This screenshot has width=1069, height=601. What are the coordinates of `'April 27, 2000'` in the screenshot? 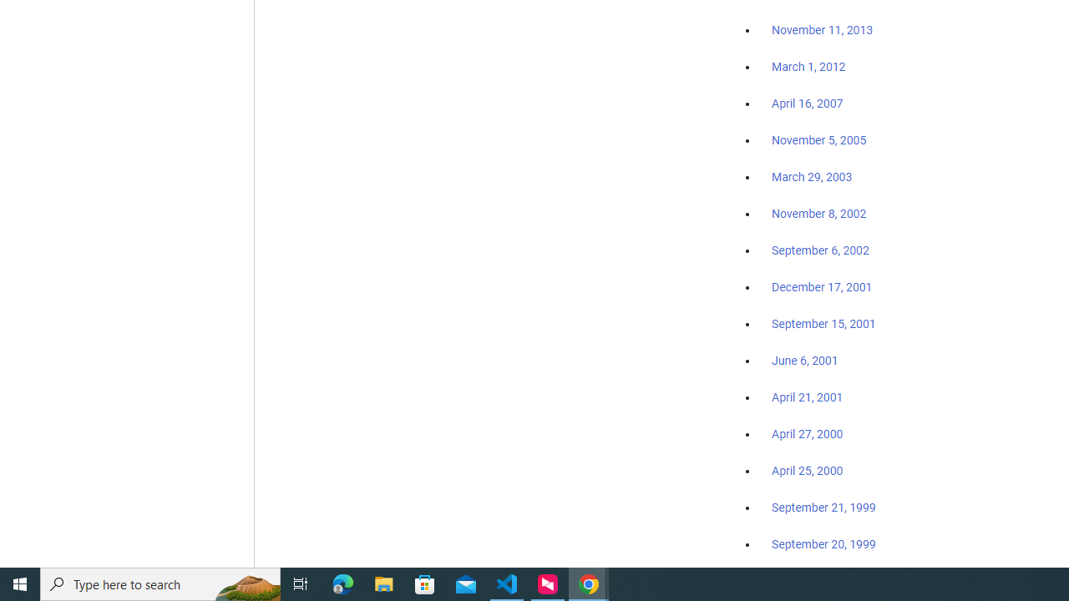 It's located at (808, 433).